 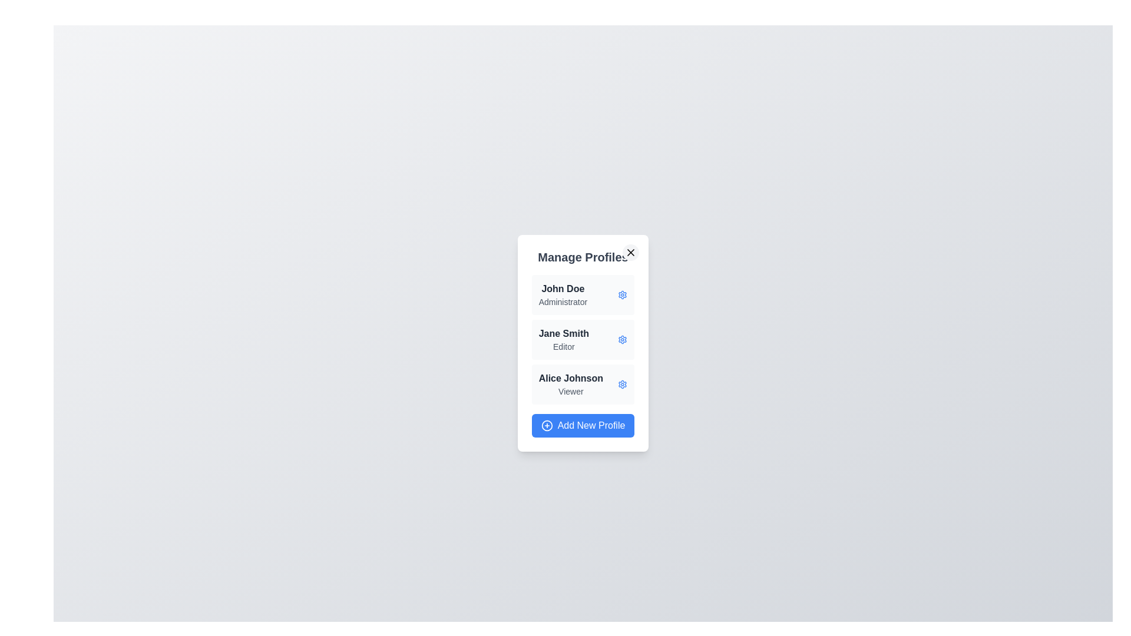 What do you see at coordinates (622, 340) in the screenshot?
I see `gear icon next to the profile named Jane Smith` at bounding box center [622, 340].